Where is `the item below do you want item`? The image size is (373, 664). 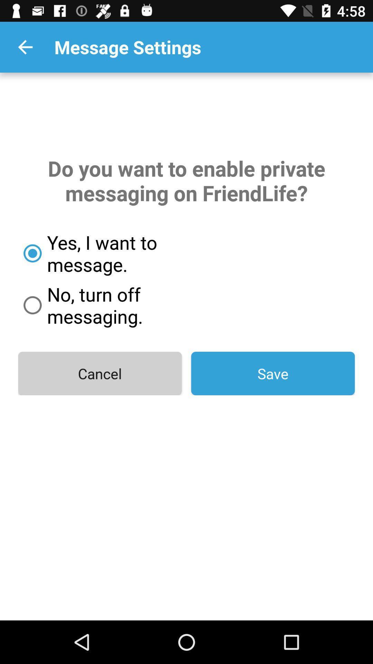
the item below do you want item is located at coordinates (127, 253).